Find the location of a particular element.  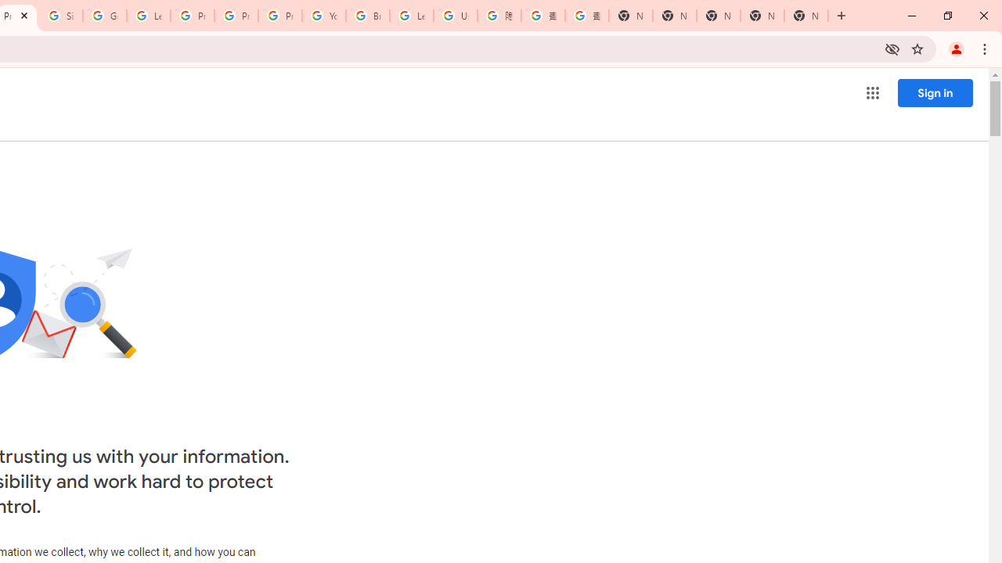

'Privacy Help Center - Policies Help' is located at coordinates (191, 16).